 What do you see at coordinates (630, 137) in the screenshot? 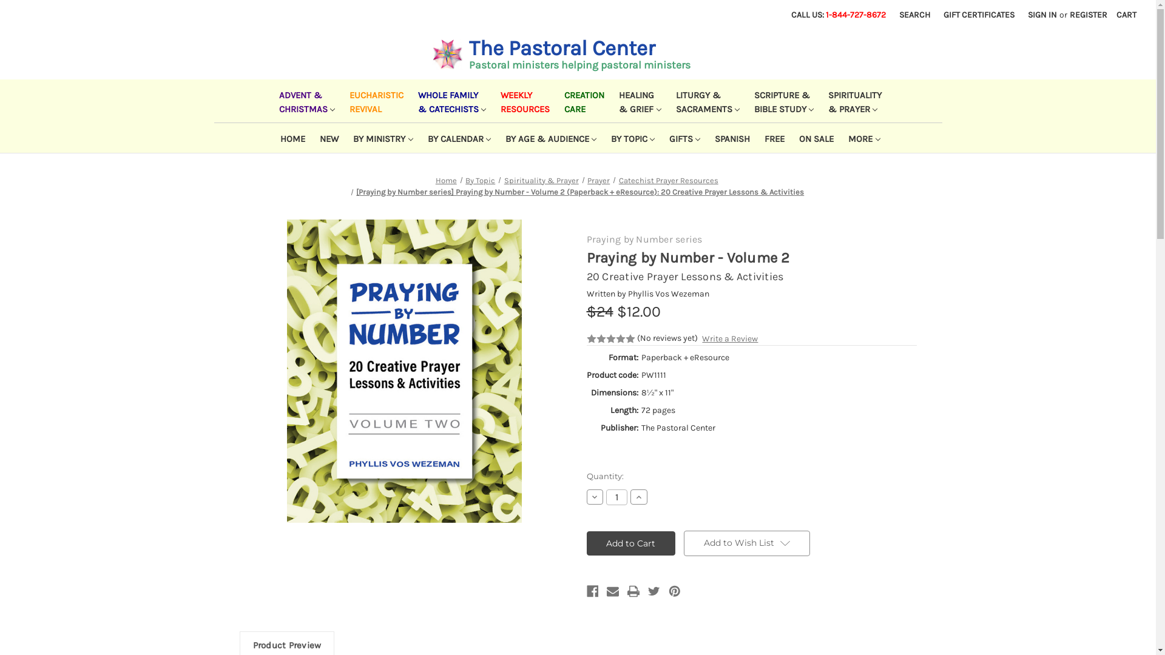
I see `'BY TOPIC'` at bounding box center [630, 137].